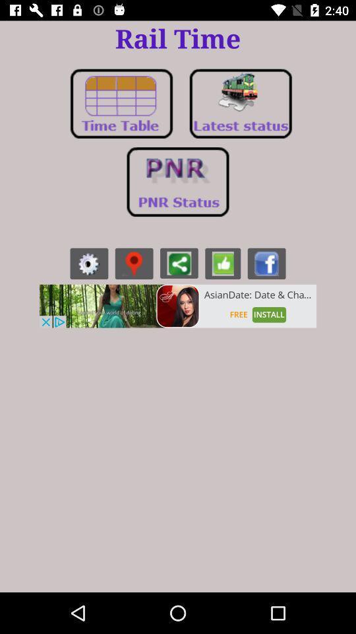 Image resolution: width=356 pixels, height=634 pixels. Describe the element at coordinates (178, 262) in the screenshot. I see `the share icon` at that location.